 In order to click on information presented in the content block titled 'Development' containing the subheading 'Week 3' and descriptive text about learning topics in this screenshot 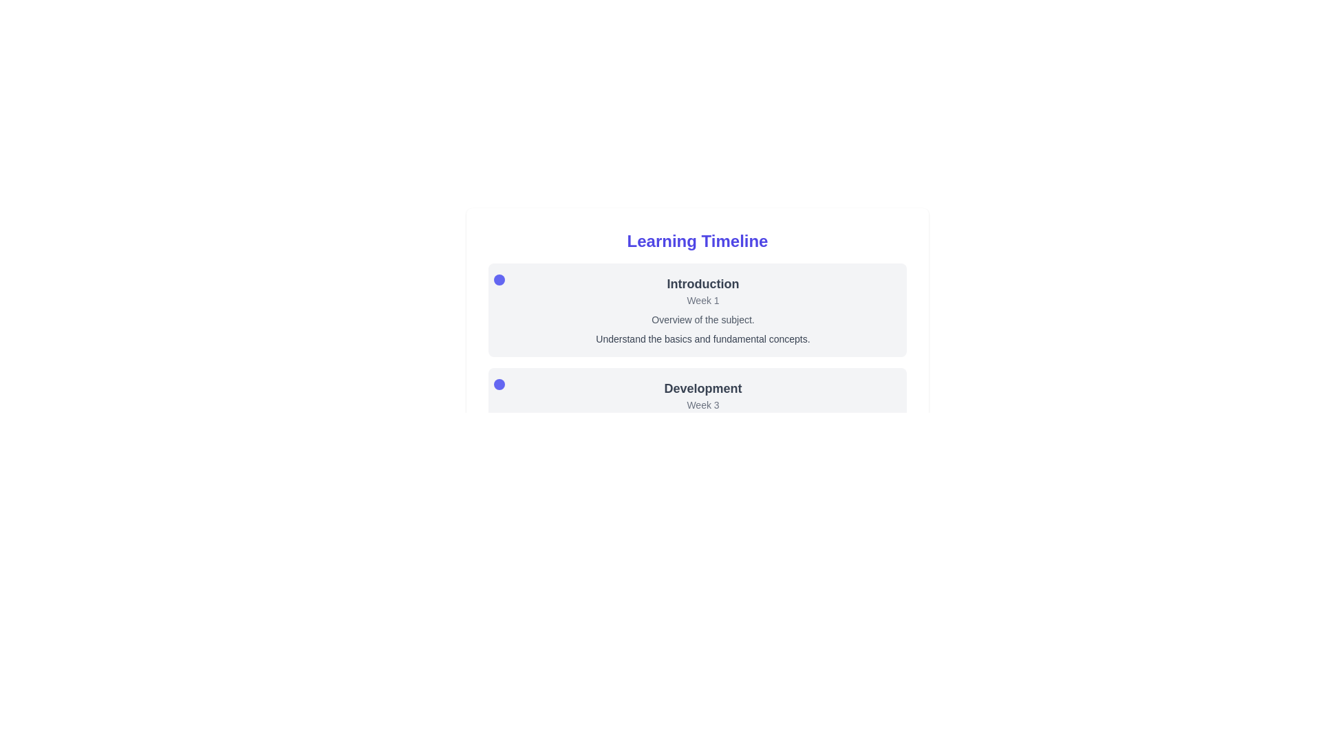, I will do `click(697, 413)`.